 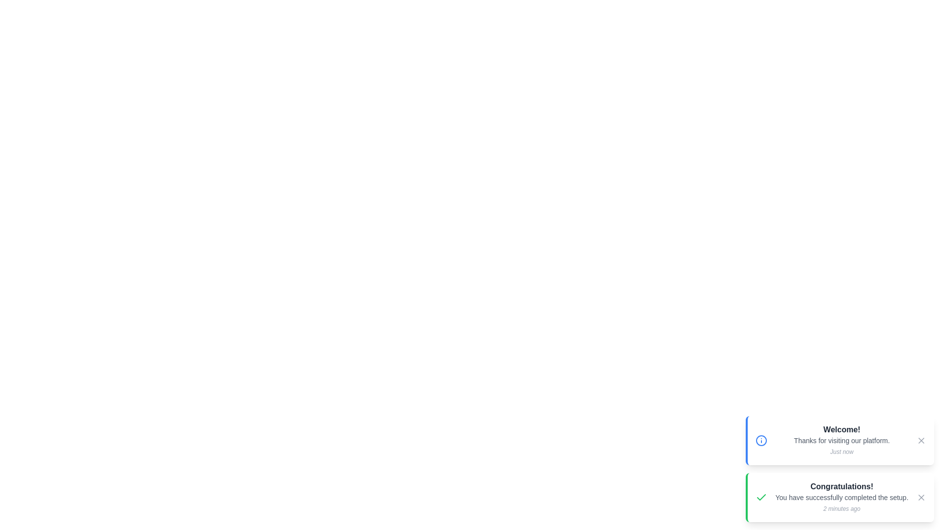 What do you see at coordinates (839, 498) in the screenshot?
I see `the notification with title Congratulations!` at bounding box center [839, 498].